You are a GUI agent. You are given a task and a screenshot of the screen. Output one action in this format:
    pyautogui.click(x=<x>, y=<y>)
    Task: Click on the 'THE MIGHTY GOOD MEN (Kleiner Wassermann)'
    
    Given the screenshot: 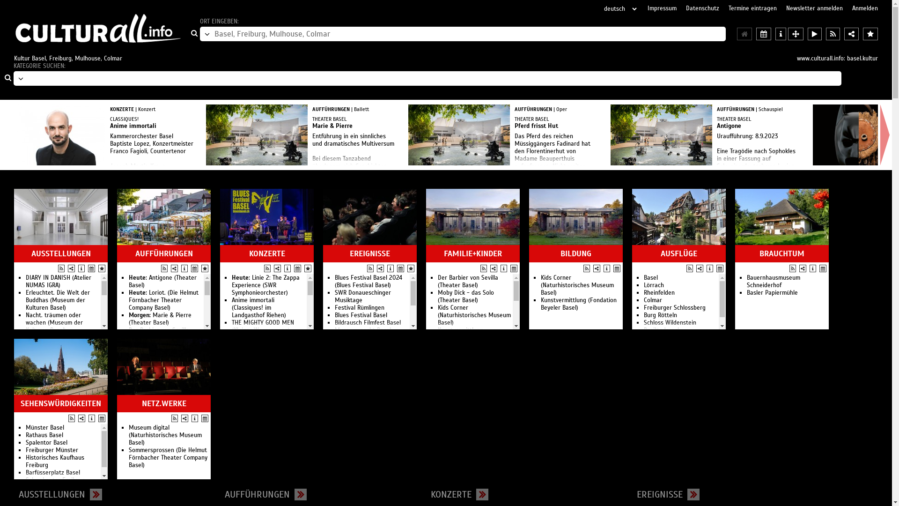 What is the action you would take?
    pyautogui.click(x=262, y=326)
    